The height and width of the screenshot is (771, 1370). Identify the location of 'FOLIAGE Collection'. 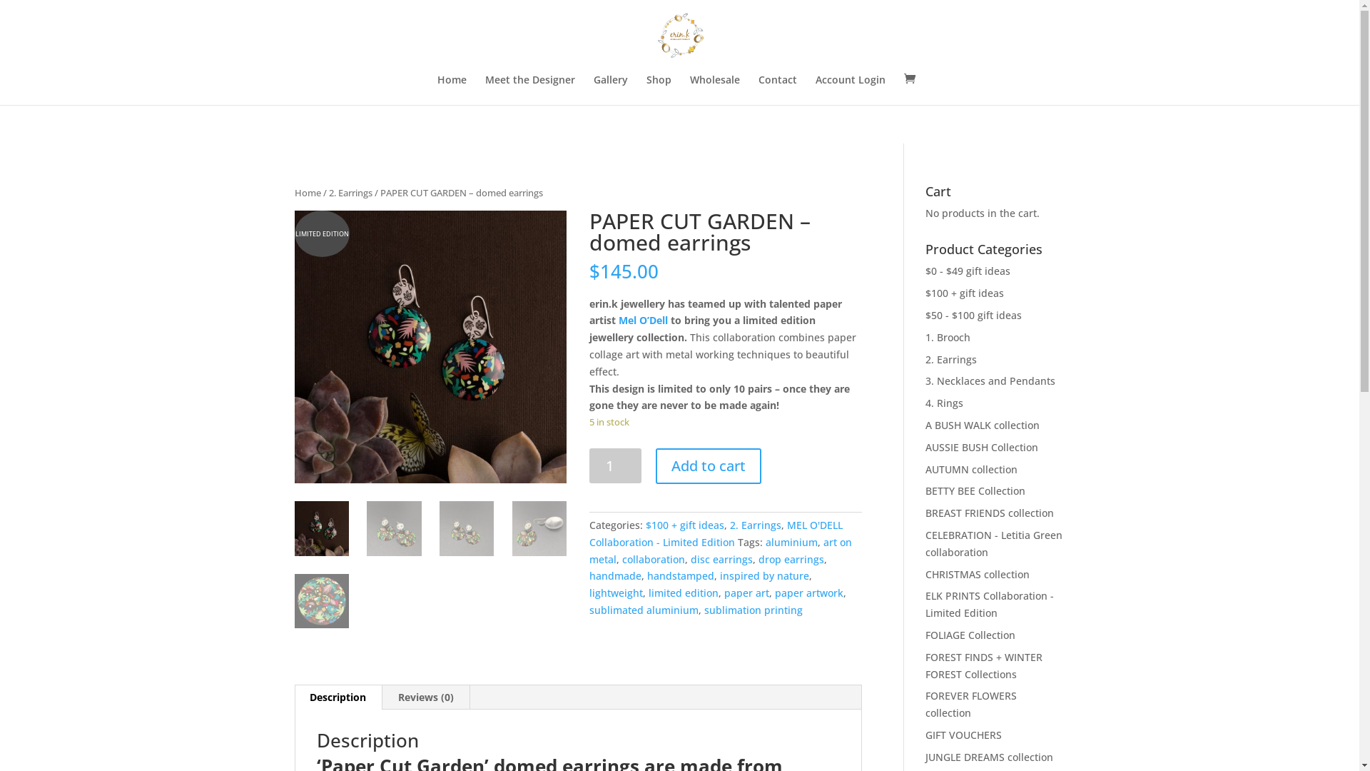
(970, 634).